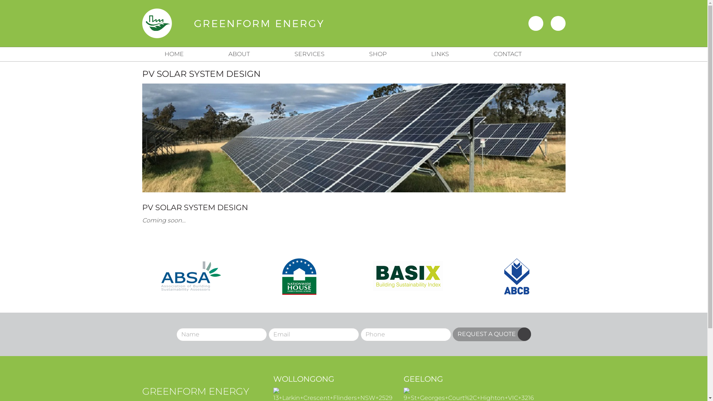 This screenshot has height=401, width=713. I want to click on 'HOME', so click(173, 54).